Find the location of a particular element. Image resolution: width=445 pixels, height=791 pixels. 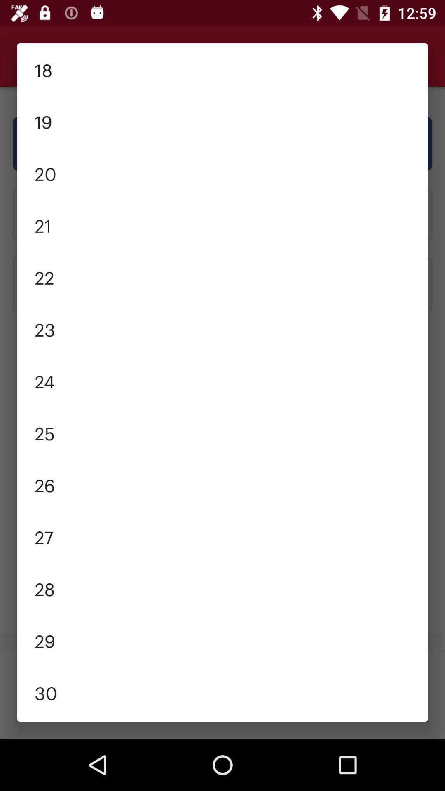

31 is located at coordinates (222, 719).